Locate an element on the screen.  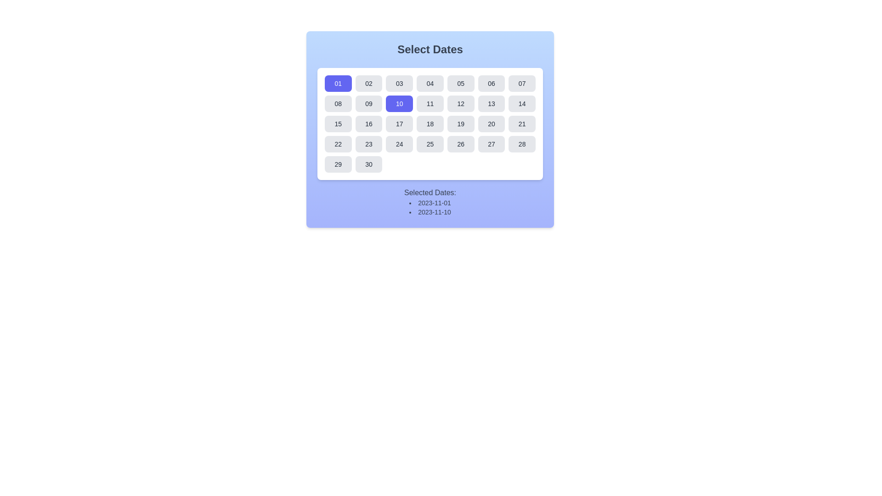
the small, rounded rectangular button displaying the number '19' in a graphical calendar interface is located at coordinates (461, 124).